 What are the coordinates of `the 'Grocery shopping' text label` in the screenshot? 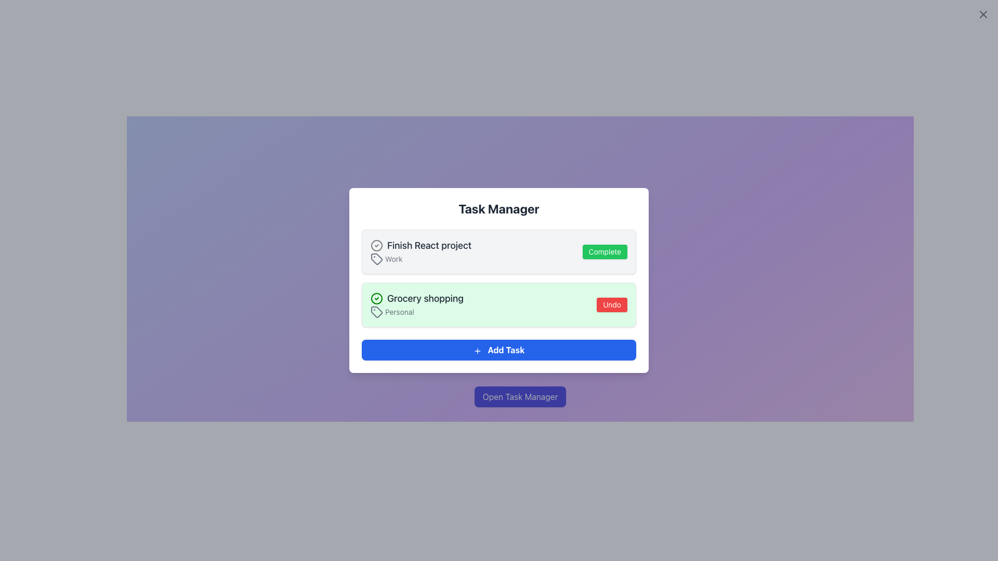 It's located at (417, 298).